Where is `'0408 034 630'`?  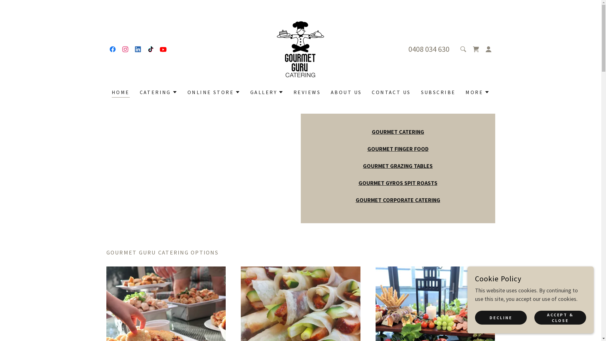 '0408 034 630' is located at coordinates (429, 49).